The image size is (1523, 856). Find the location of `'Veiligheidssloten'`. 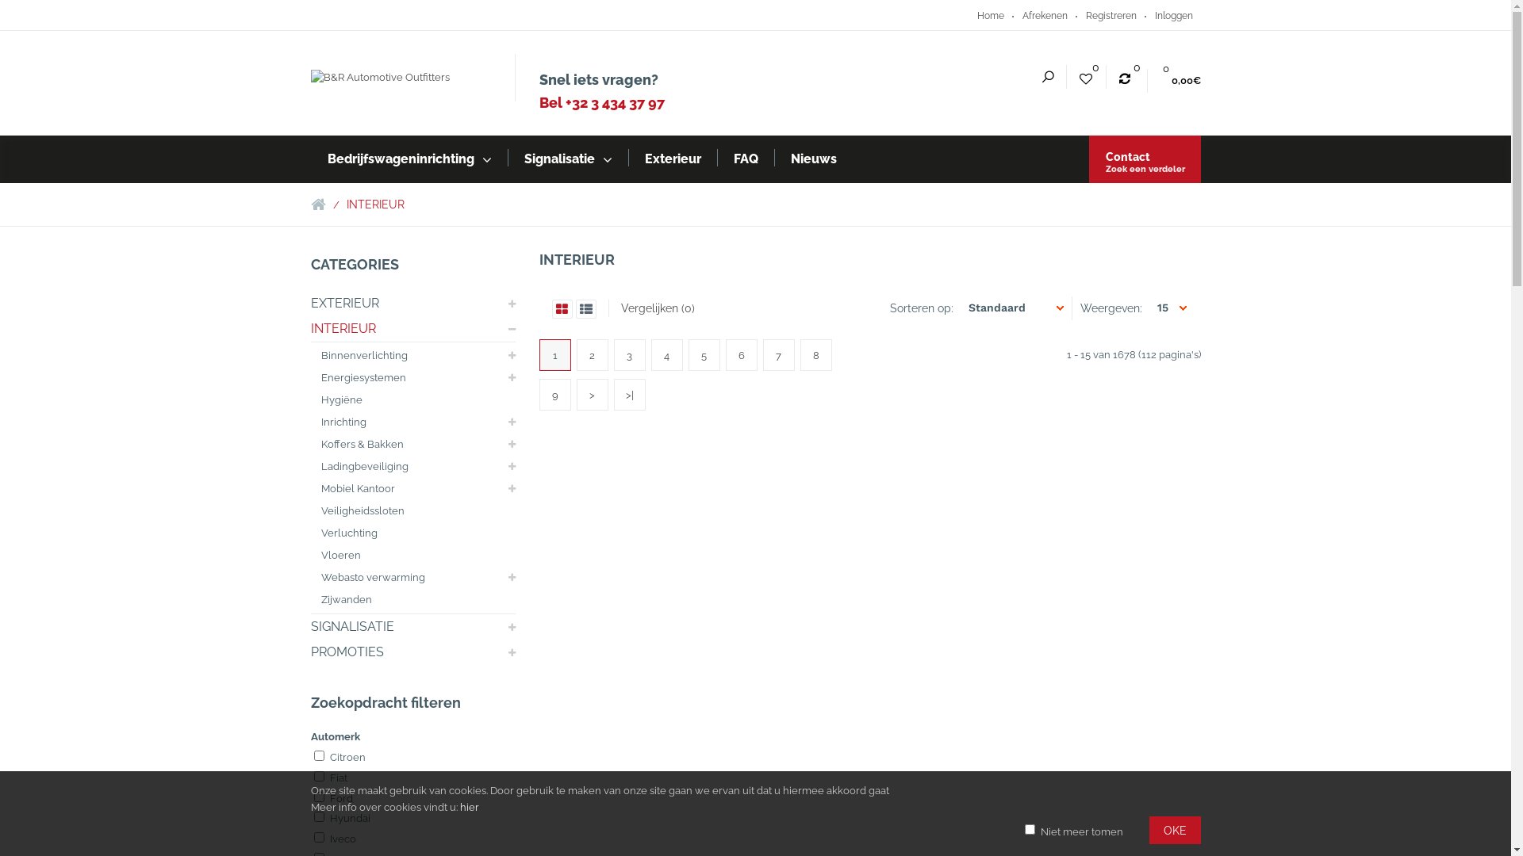

'Veiligheidssloten' is located at coordinates (361, 510).